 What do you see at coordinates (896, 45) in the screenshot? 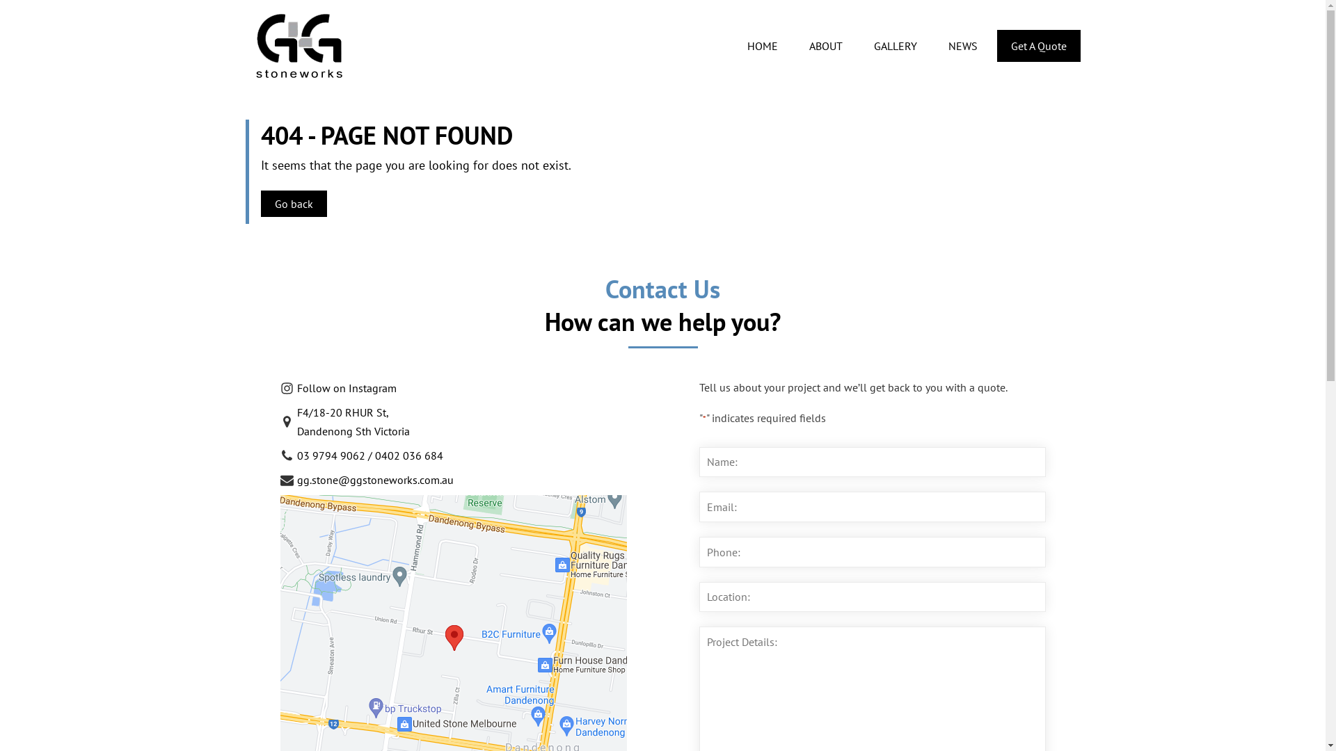
I see `'GALLERY'` at bounding box center [896, 45].